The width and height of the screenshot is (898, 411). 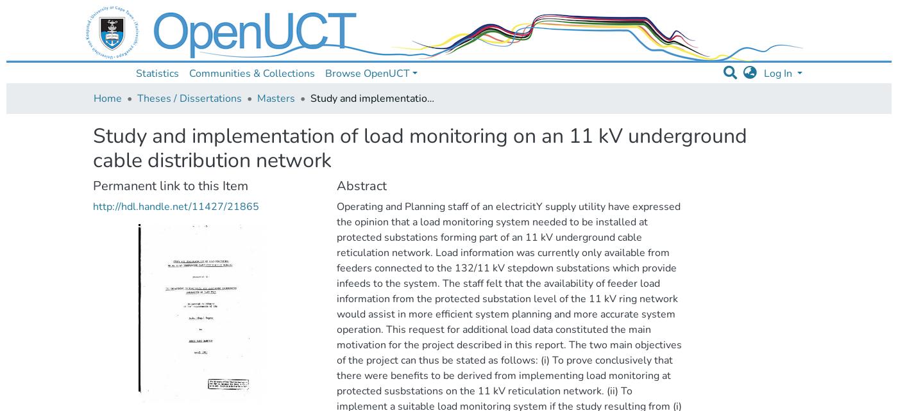 I want to click on 'Log In', so click(x=778, y=73).